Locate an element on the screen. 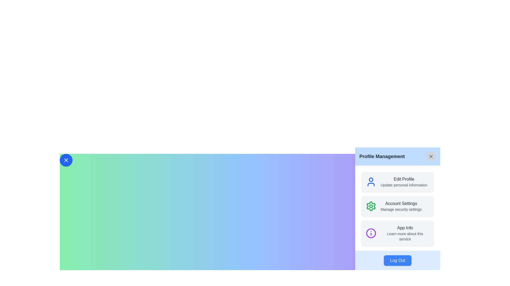  the circular button with a light gray background and a darker gray 'X' symbol inside, located at the top-right corner of the 'Profile Management' bar is located at coordinates (431, 156).